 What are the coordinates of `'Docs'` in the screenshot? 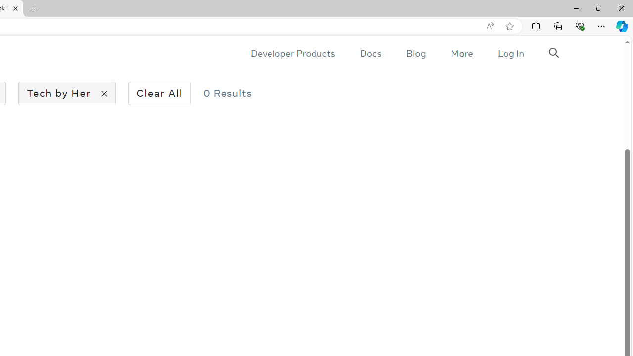 It's located at (370, 53).